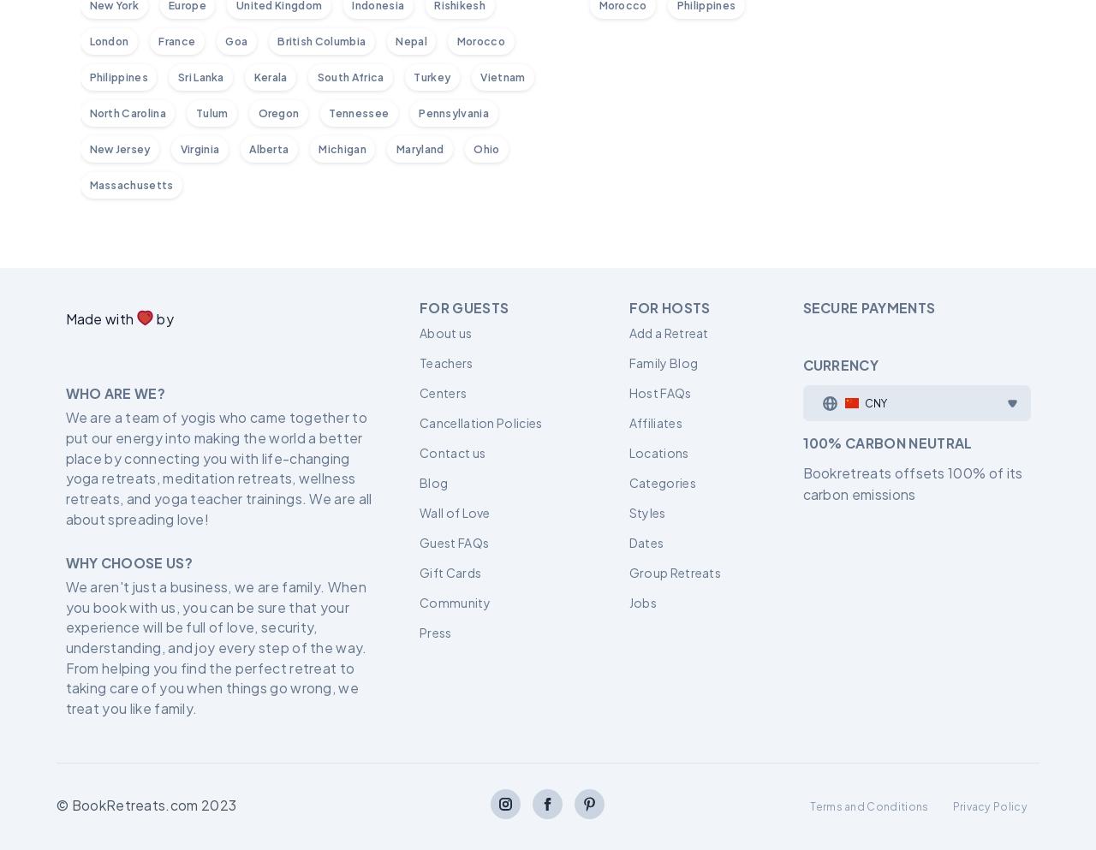  What do you see at coordinates (673, 572) in the screenshot?
I see `'Group Retreats'` at bounding box center [673, 572].